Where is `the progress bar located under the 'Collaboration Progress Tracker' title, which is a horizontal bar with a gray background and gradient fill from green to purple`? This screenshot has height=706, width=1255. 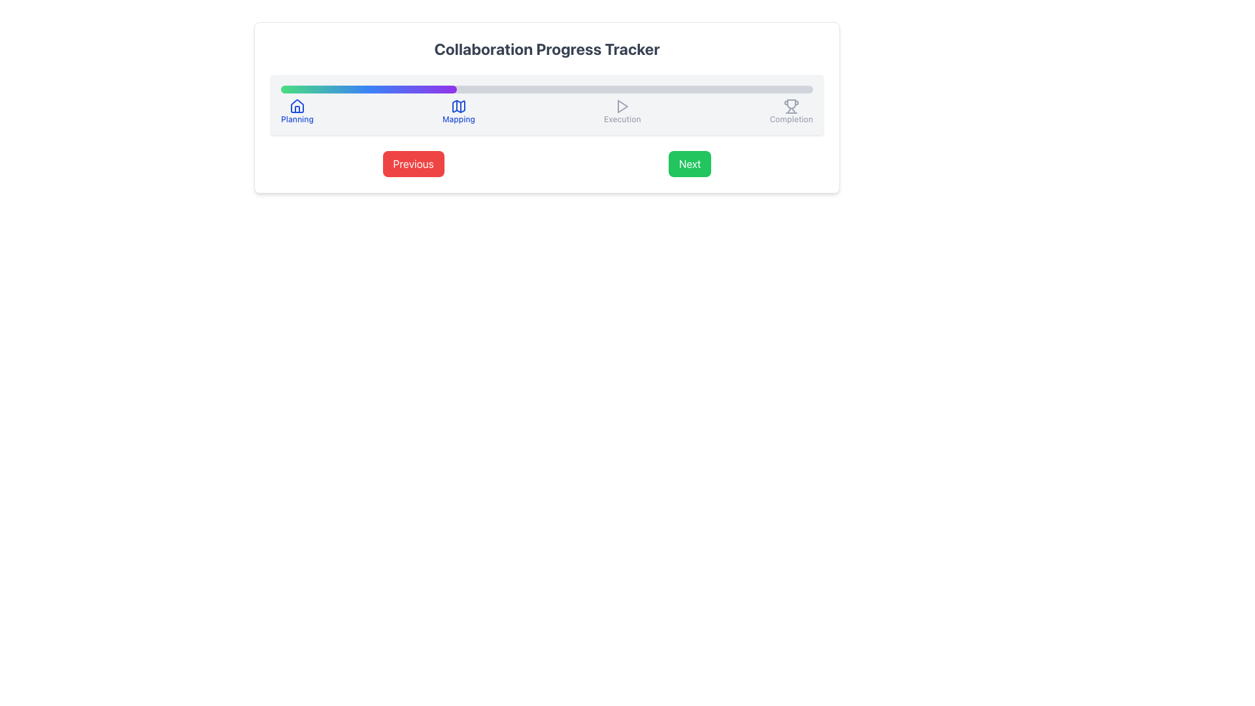 the progress bar located under the 'Collaboration Progress Tracker' title, which is a horizontal bar with a gray background and gradient fill from green to purple is located at coordinates (546, 89).